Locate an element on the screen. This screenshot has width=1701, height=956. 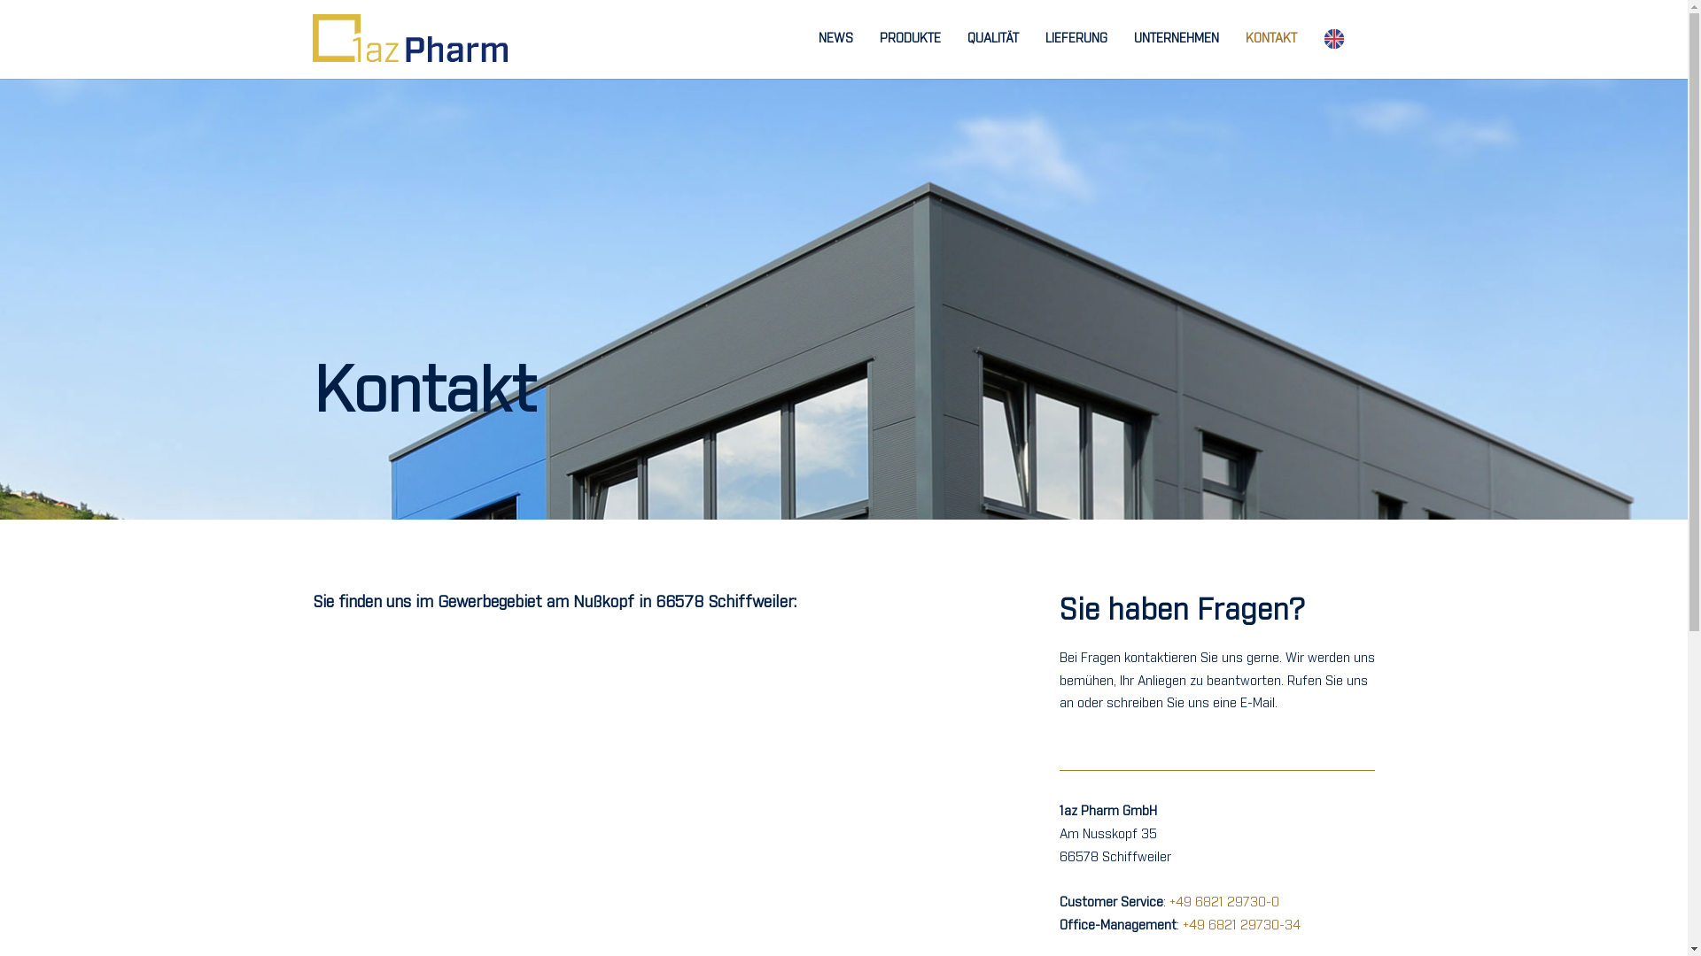
'+49 6821 29730-34' is located at coordinates (1240, 924).